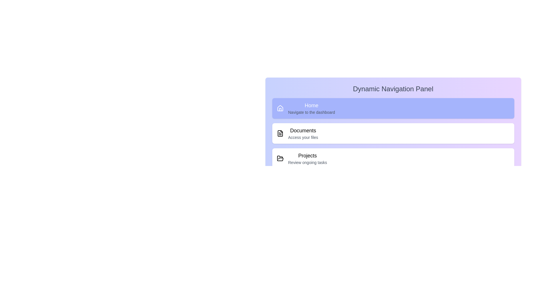 The height and width of the screenshot is (308, 548). I want to click on the navigation item Documents, so click(393, 133).